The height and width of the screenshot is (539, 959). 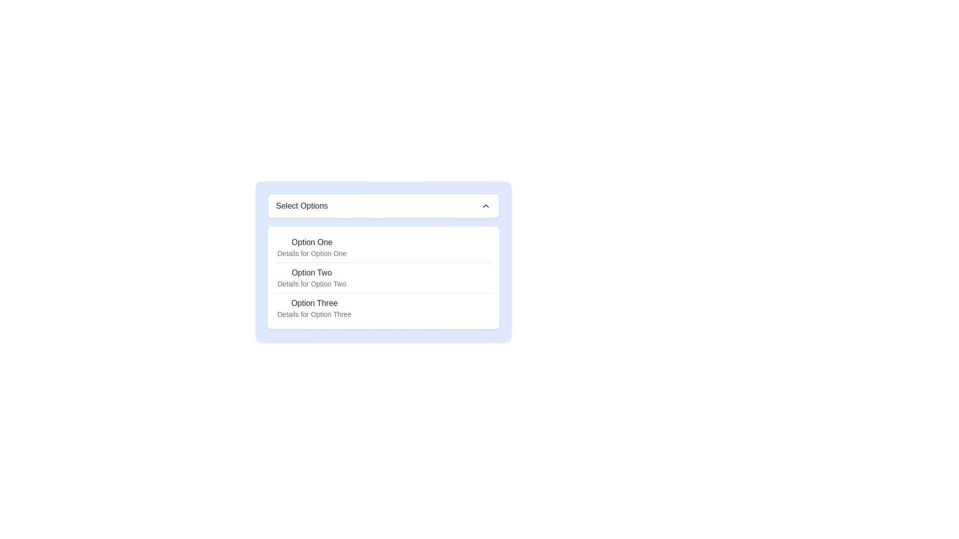 What do you see at coordinates (311, 243) in the screenshot?
I see `the text label displaying 'Option One' located at the top of the dropdown menu options` at bounding box center [311, 243].